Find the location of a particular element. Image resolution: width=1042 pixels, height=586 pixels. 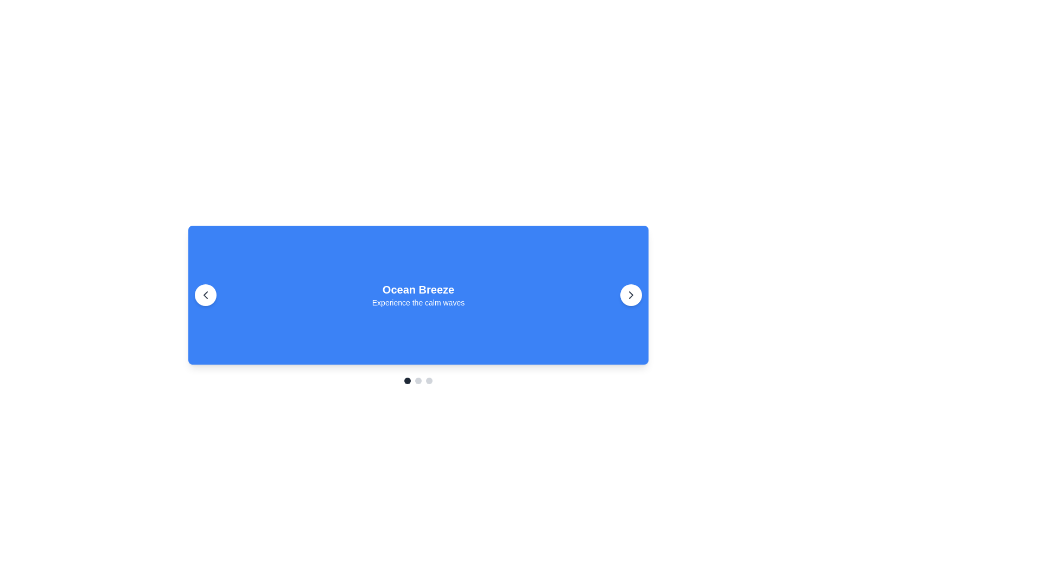

the static text displaying 'Experience the calm waves', which is styled in small white font on a bright blue background, located beneath the heading 'Ocean Breeze' is located at coordinates (418, 303).